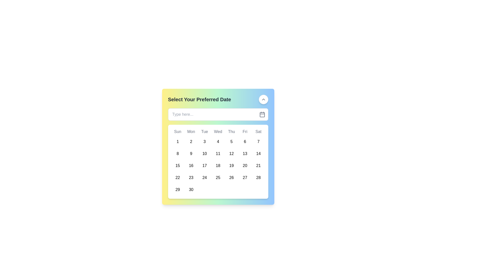 The height and width of the screenshot is (270, 481). What do you see at coordinates (263, 99) in the screenshot?
I see `the small circular button with a white background and upward-pointing chevron icon, located at the top-right corner of the header section next` at bounding box center [263, 99].